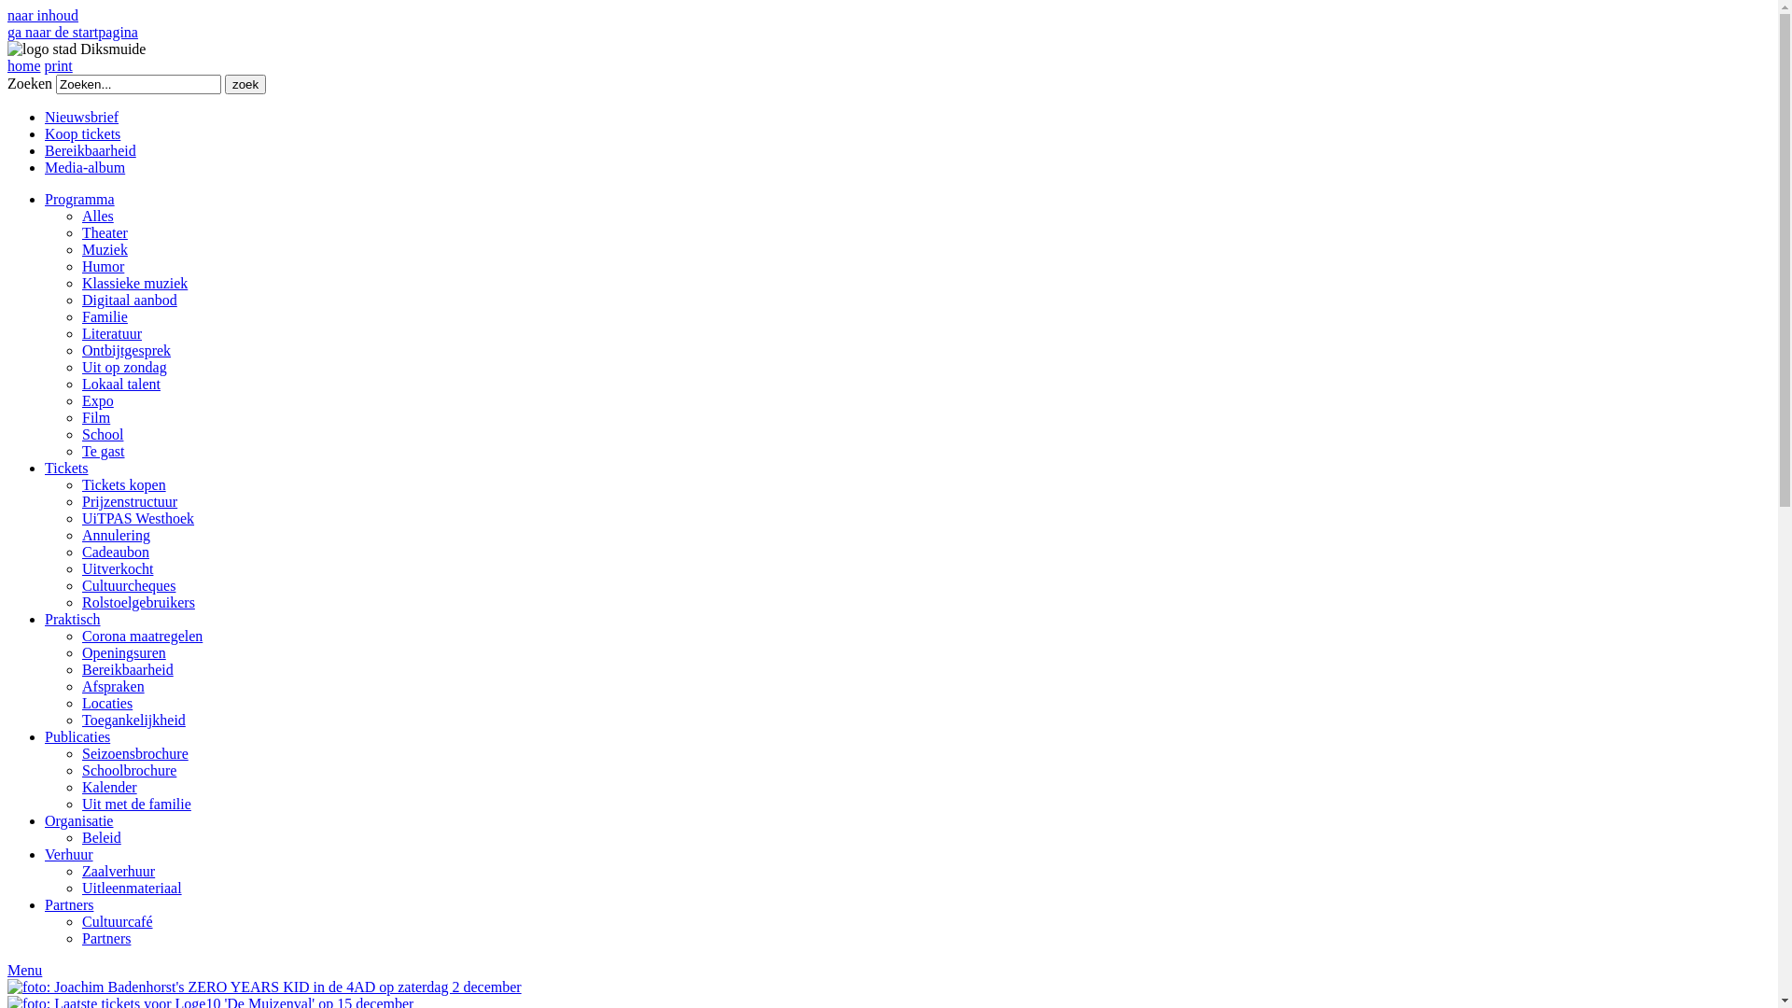 The width and height of the screenshot is (1792, 1008). Describe the element at coordinates (123, 483) in the screenshot. I see `'Tickets kopen'` at that location.